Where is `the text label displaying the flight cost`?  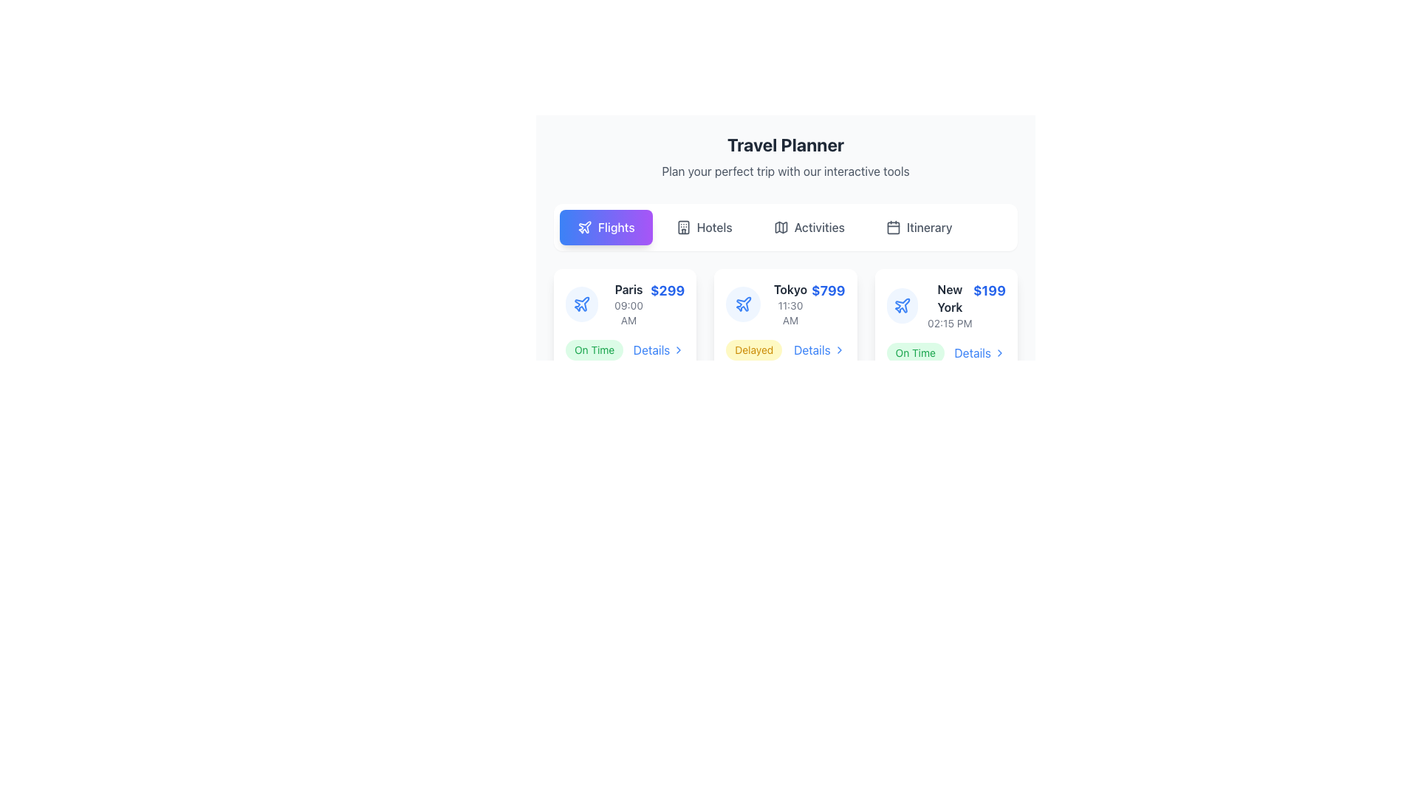 the text label displaying the flight cost is located at coordinates (989, 290).